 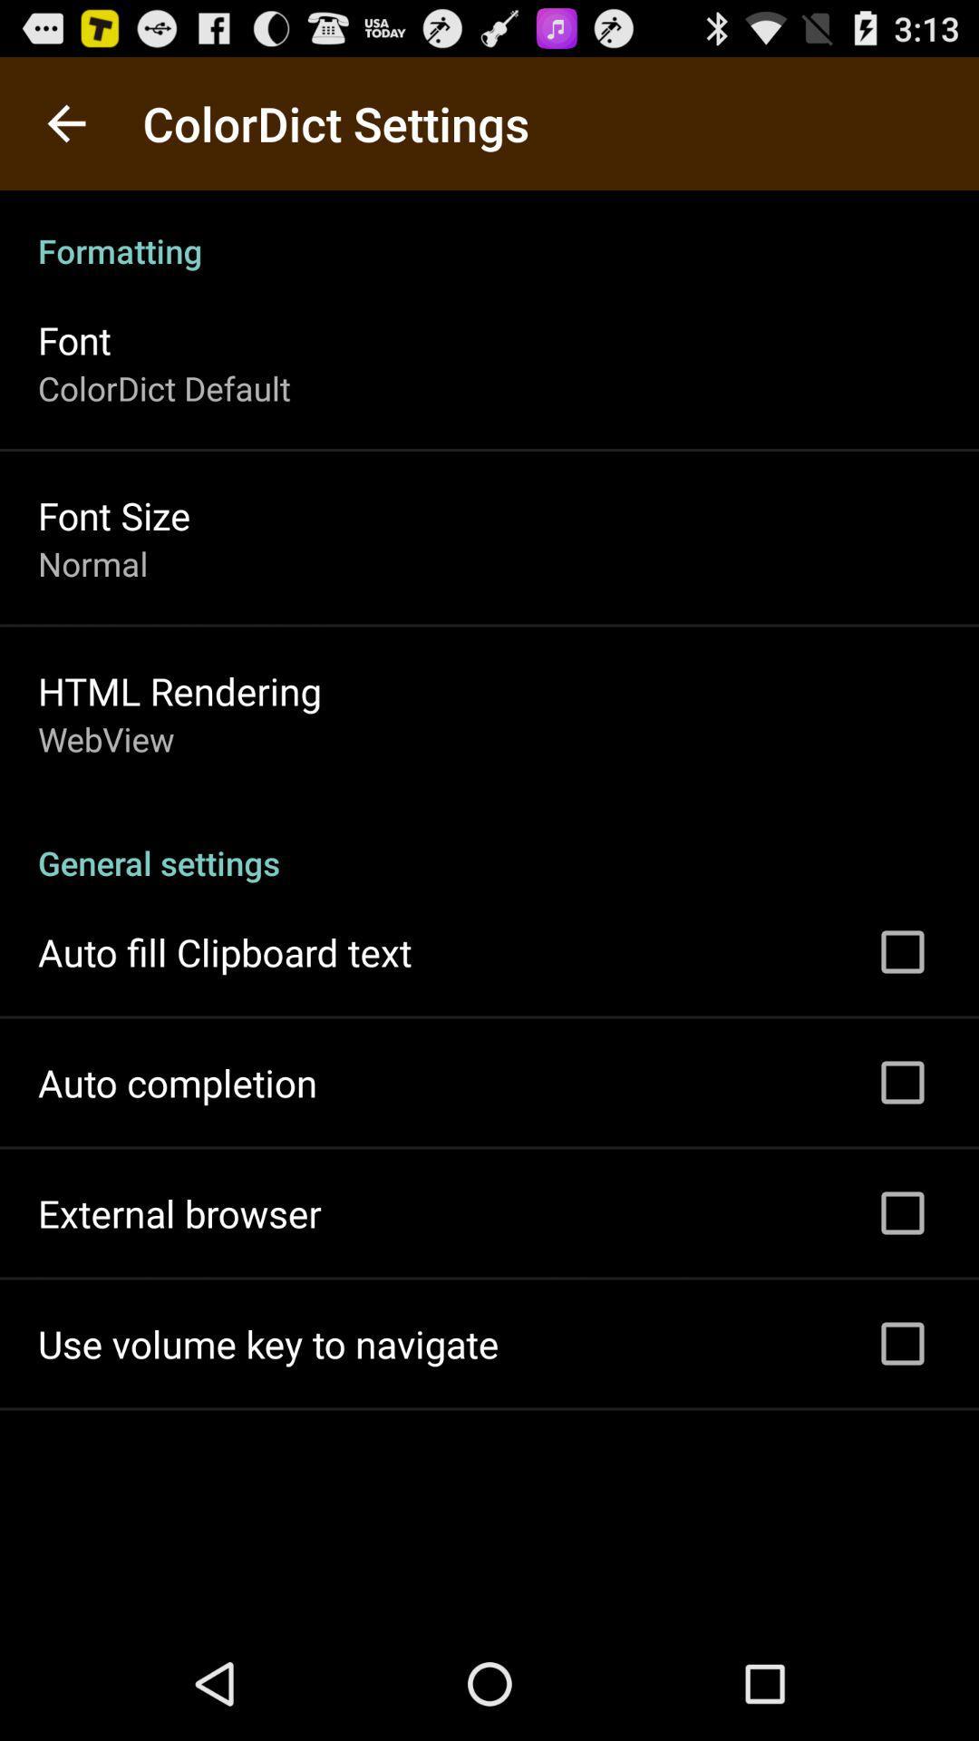 What do you see at coordinates (65, 122) in the screenshot?
I see `the app above the formatting` at bounding box center [65, 122].